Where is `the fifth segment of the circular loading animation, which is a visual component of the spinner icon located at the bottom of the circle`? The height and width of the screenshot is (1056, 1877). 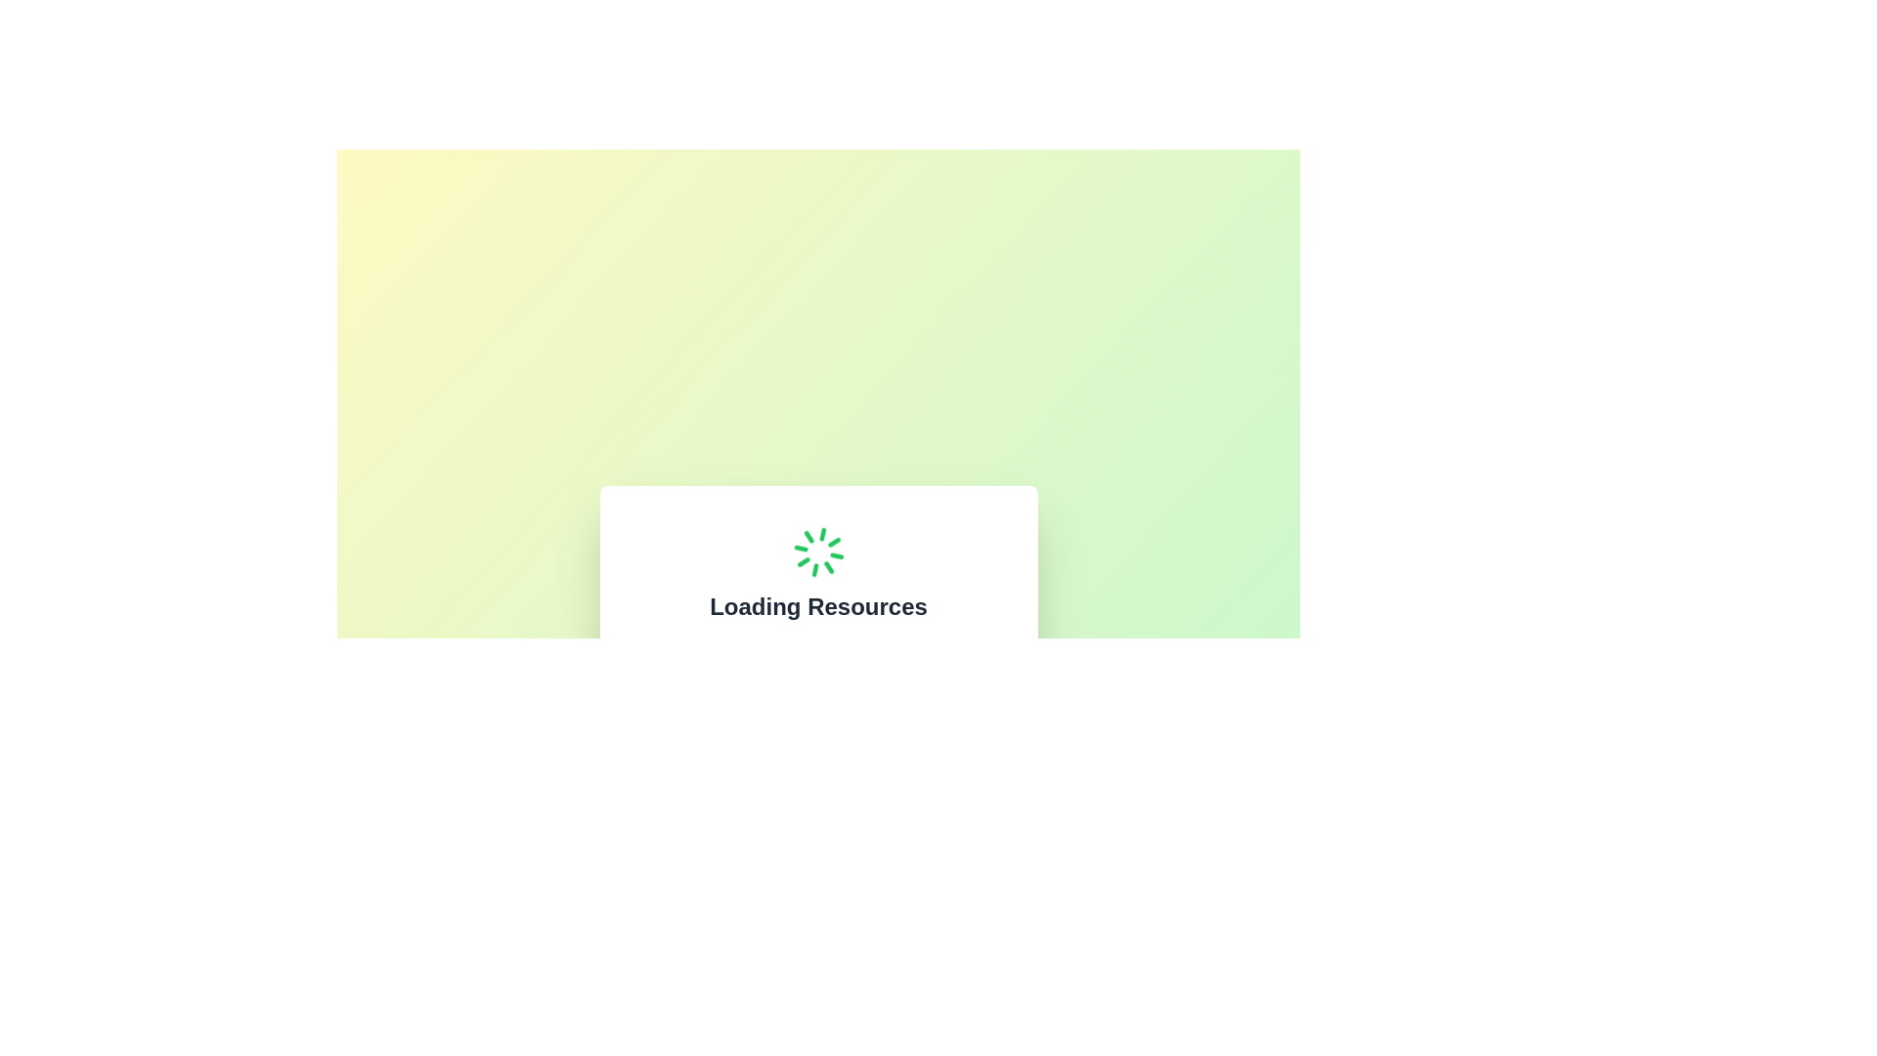
the fifth segment of the circular loading animation, which is a visual component of the spinner icon located at the bottom of the circle is located at coordinates (814, 534).